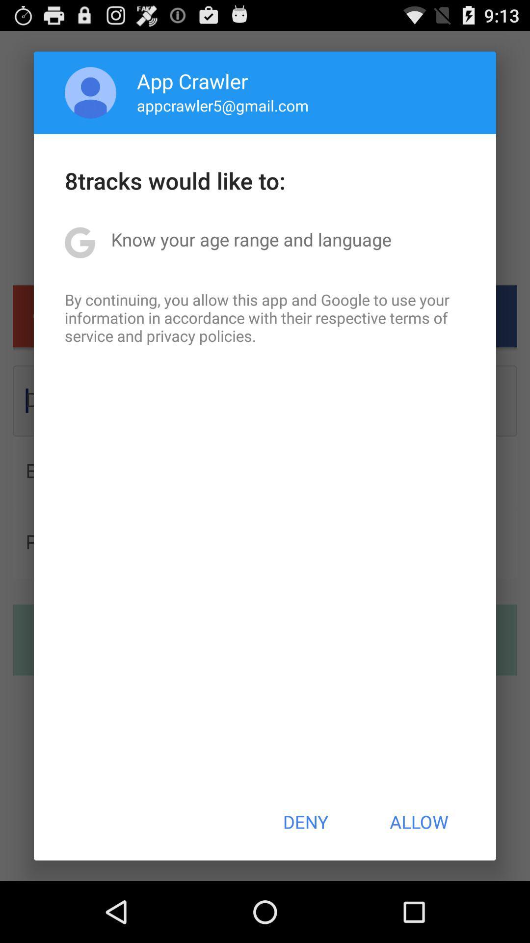 Image resolution: width=530 pixels, height=943 pixels. Describe the element at coordinates (305, 822) in the screenshot. I see `item below the by continuing you app` at that location.